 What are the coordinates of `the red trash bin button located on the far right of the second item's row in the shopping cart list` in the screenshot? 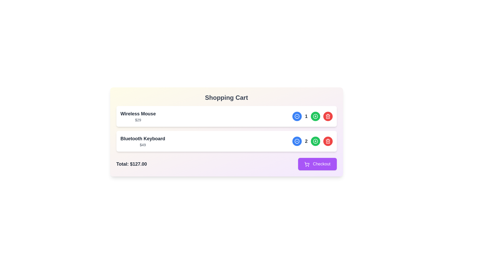 It's located at (327, 141).